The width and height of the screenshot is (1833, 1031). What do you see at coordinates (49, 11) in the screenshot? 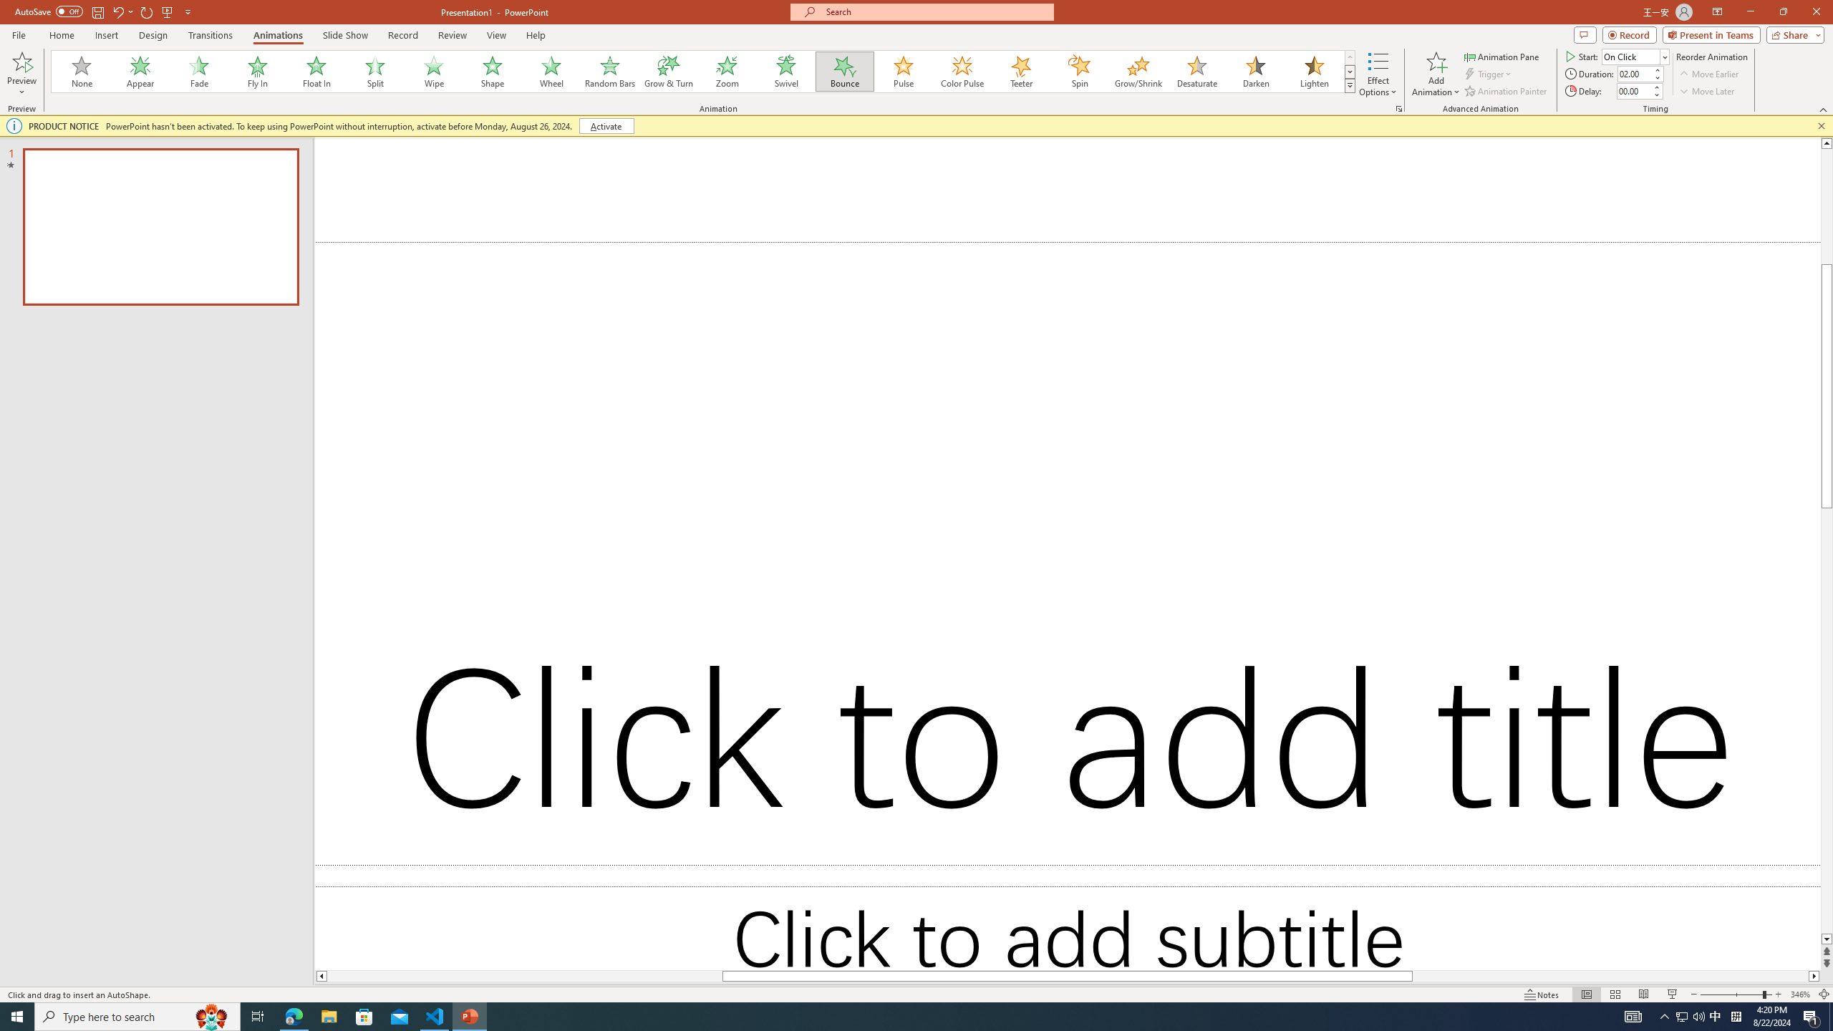
I see `'AutoSave'` at bounding box center [49, 11].